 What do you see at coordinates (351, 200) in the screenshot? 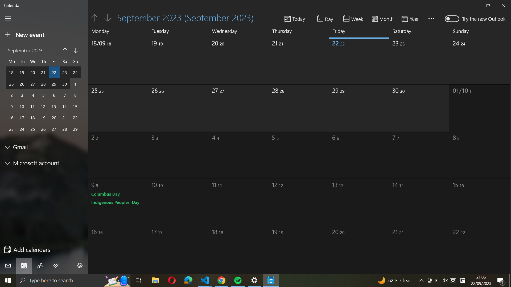
I see `Pick the date October 13th` at bounding box center [351, 200].